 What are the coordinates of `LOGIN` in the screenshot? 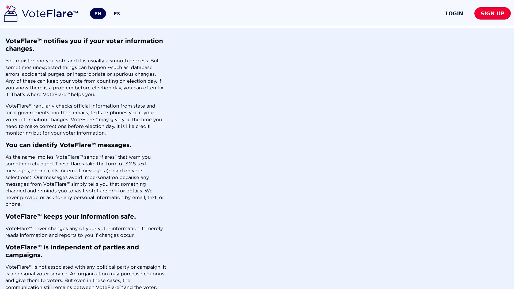 It's located at (439, 13).